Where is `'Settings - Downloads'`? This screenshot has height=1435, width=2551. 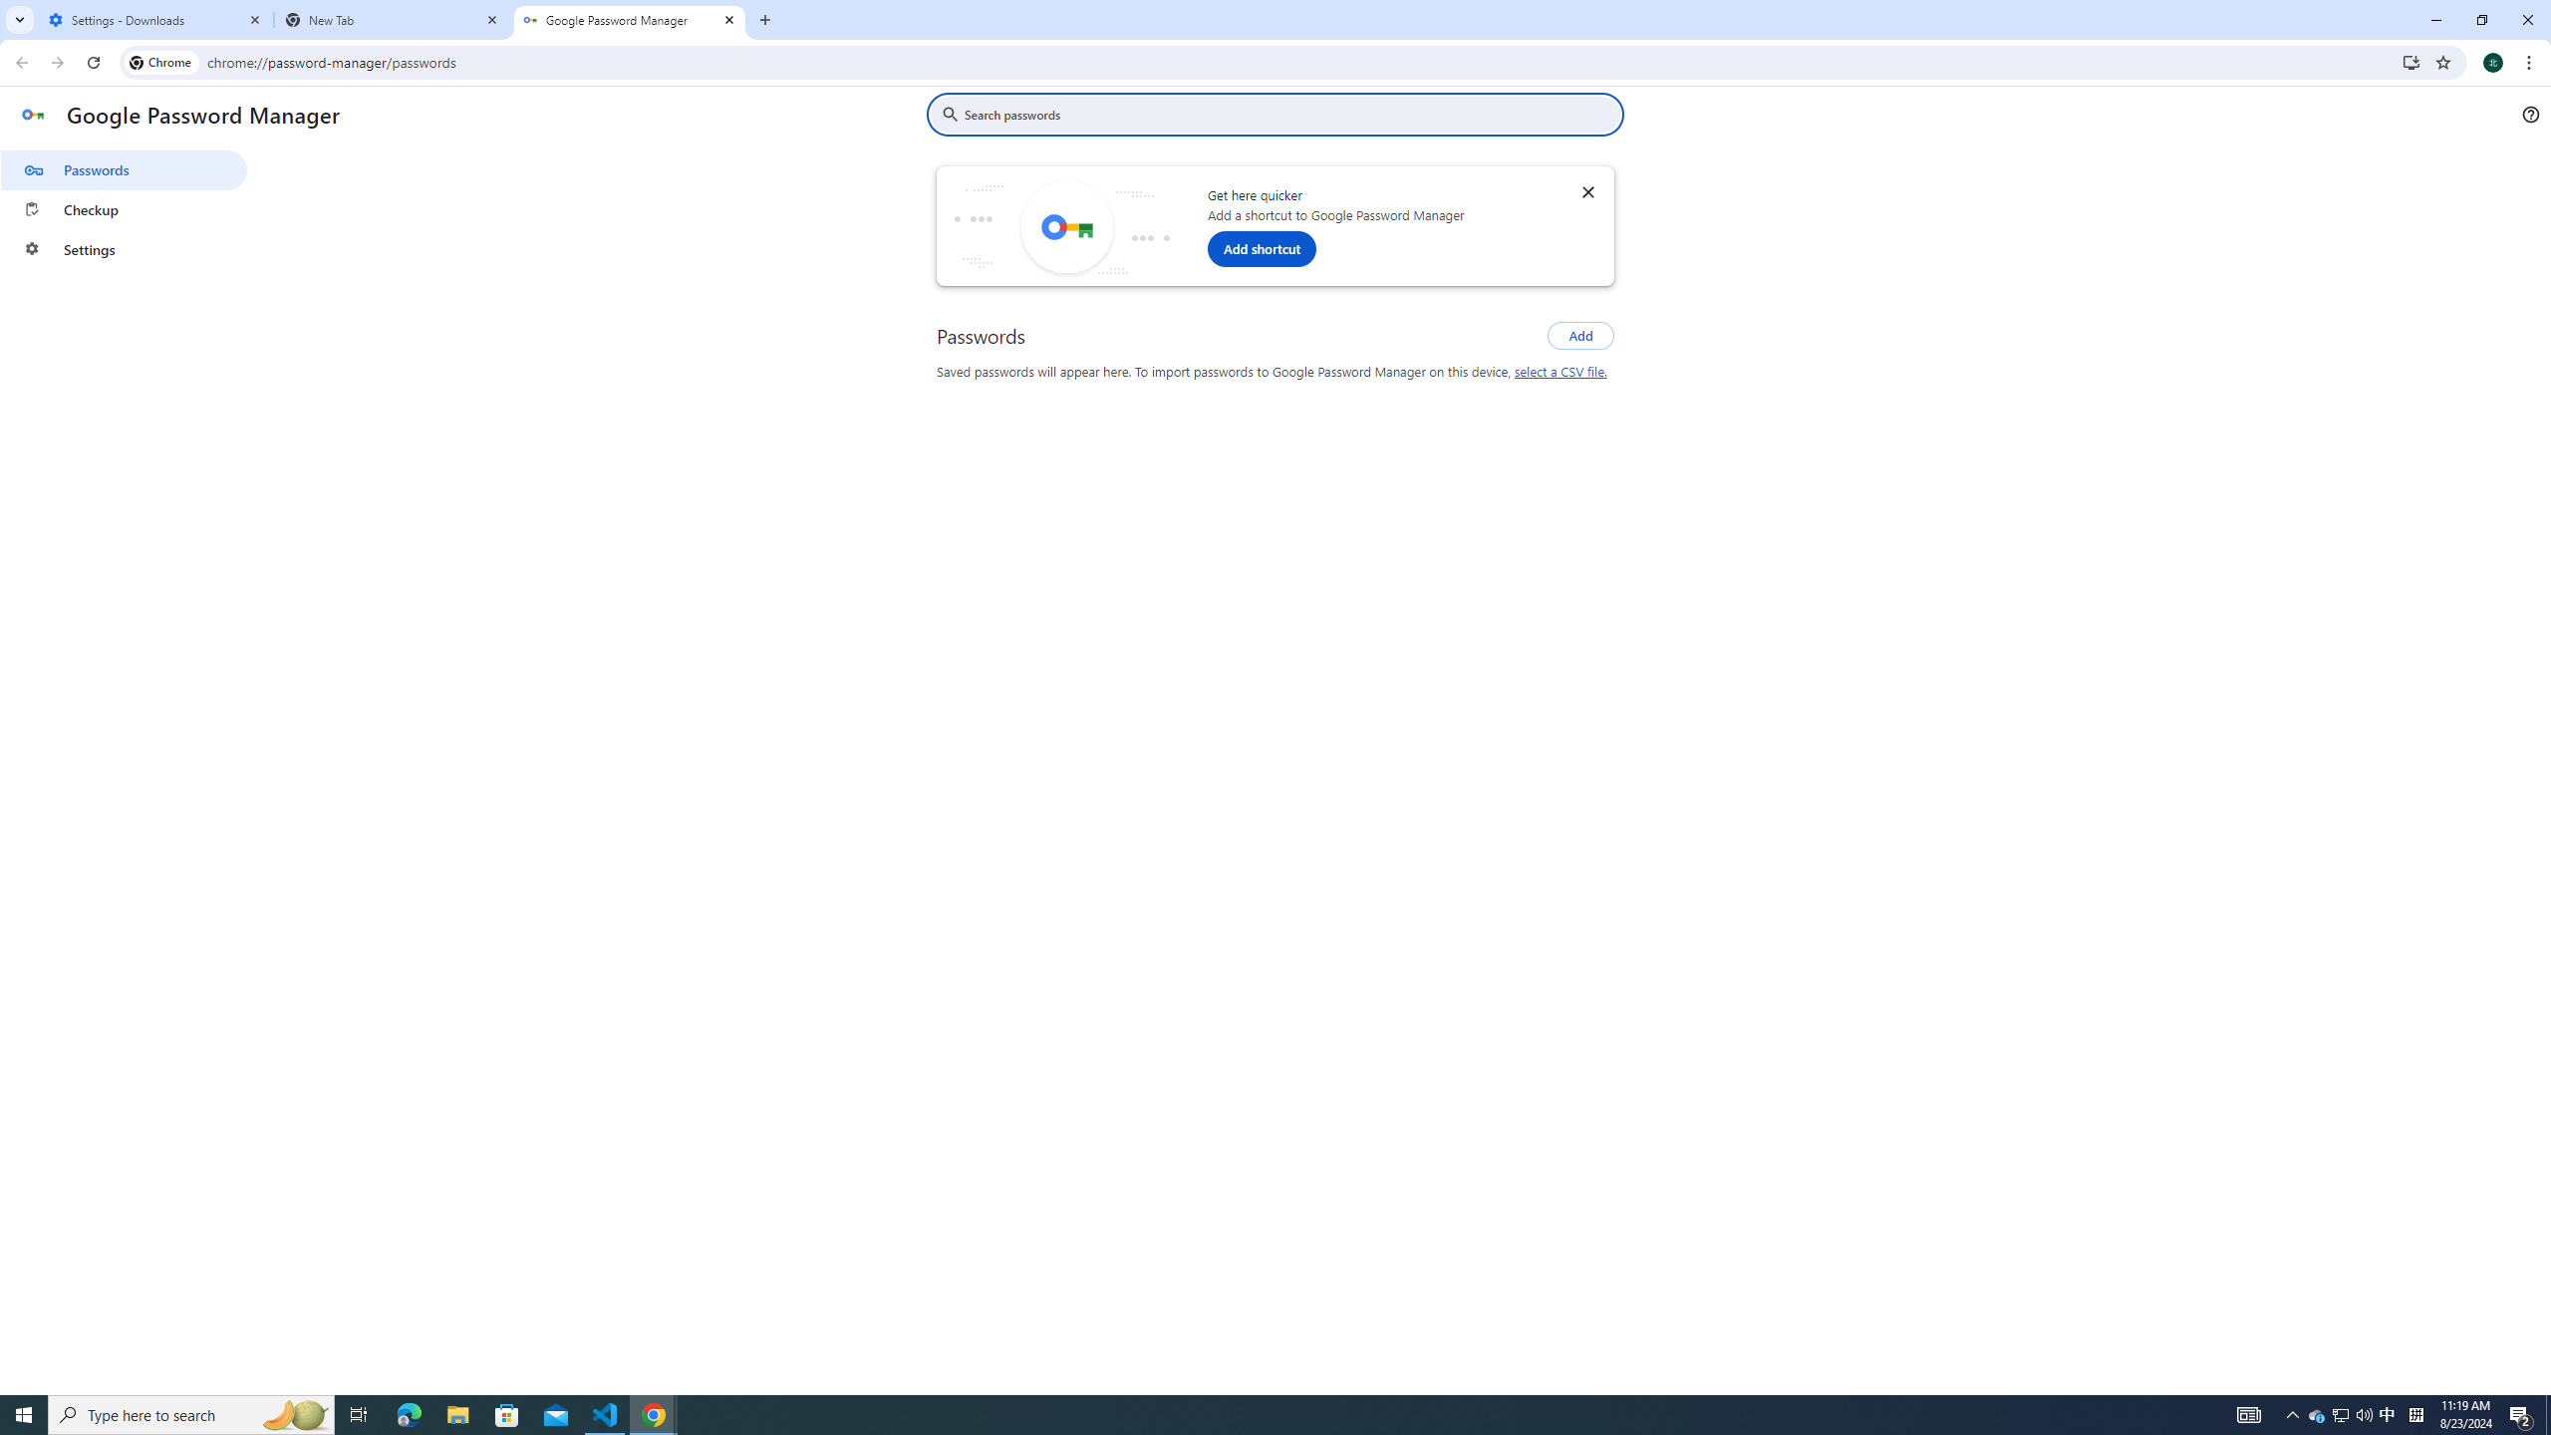 'Settings - Downloads' is located at coordinates (154, 19).